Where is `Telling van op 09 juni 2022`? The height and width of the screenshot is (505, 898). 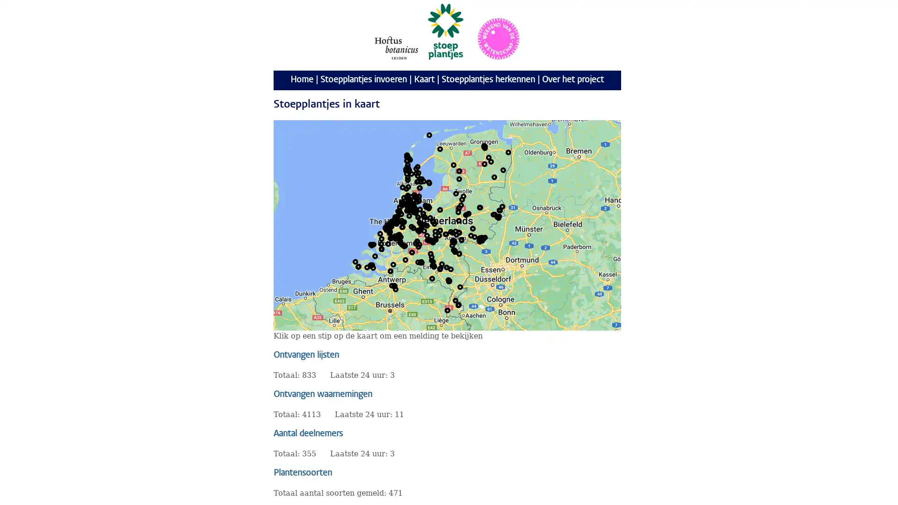 Telling van op 09 juni 2022 is located at coordinates (480, 207).